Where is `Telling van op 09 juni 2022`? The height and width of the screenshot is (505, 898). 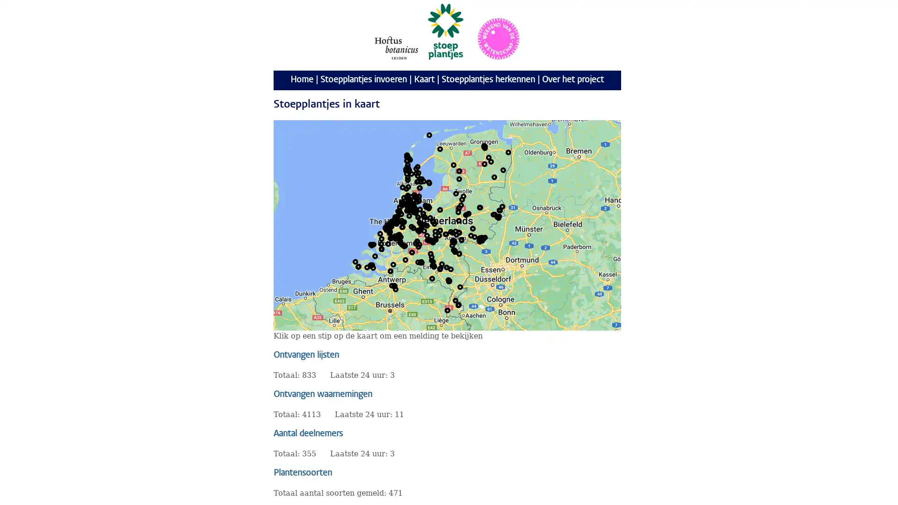 Telling van op 09 juni 2022 is located at coordinates (480, 207).